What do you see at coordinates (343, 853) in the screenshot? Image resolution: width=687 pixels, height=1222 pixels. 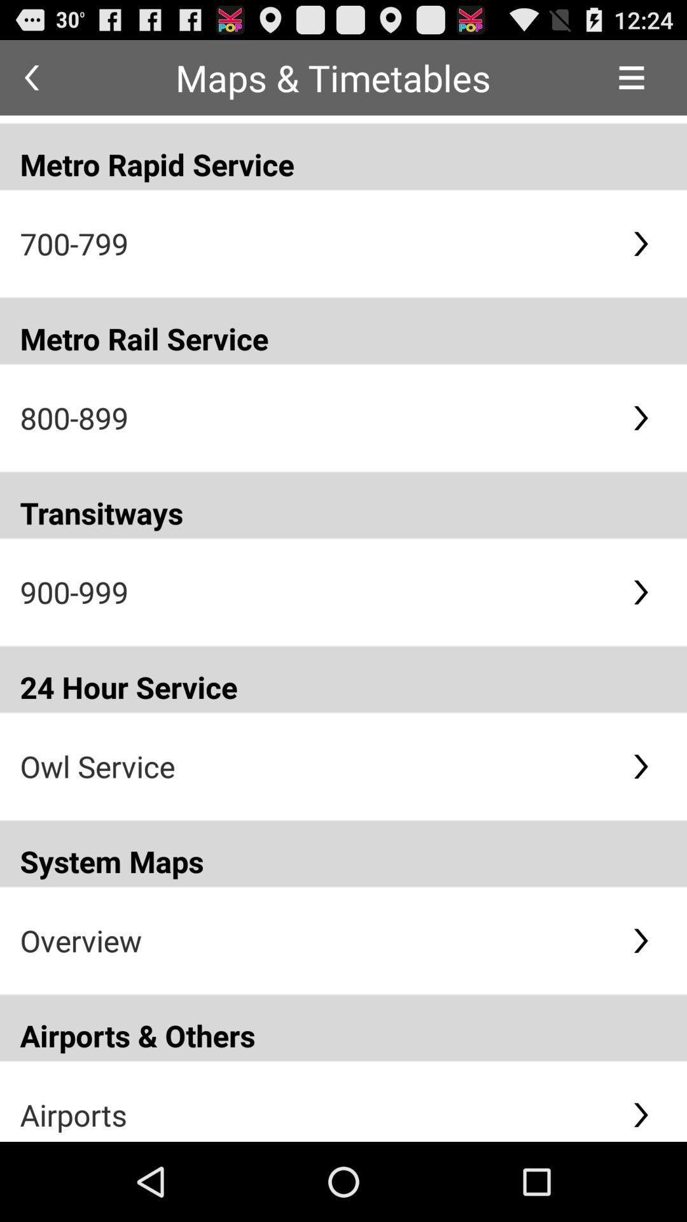 I see `system maps icon` at bounding box center [343, 853].